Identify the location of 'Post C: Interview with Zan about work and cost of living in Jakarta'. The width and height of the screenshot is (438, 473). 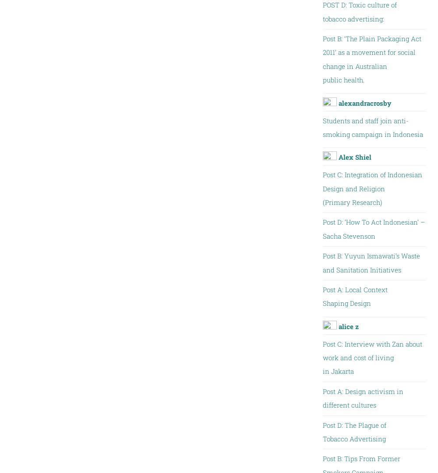
(371, 357).